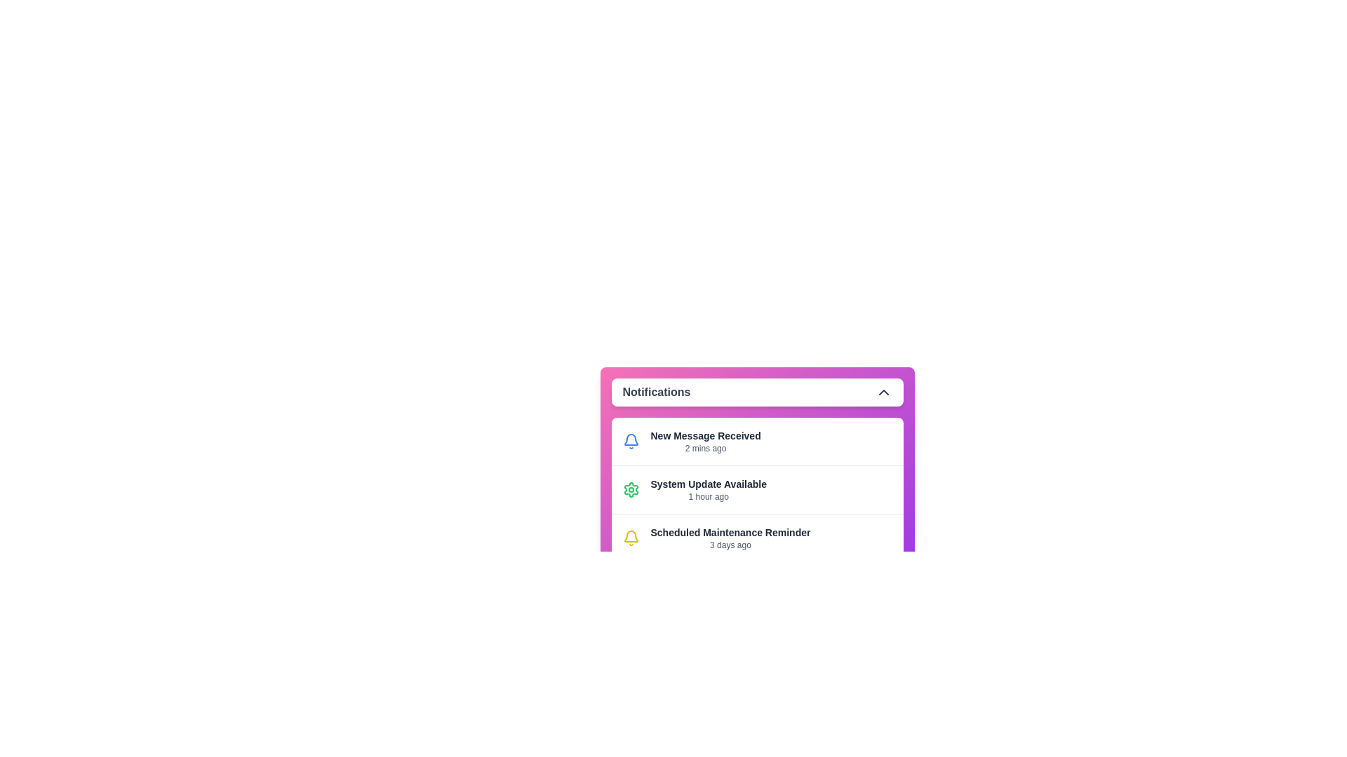 This screenshot has width=1347, height=757. Describe the element at coordinates (709, 496) in the screenshot. I see `light gray text '1 hour ago' located beneath the title 'System Update Available' within the second notification of the notification panel` at that location.